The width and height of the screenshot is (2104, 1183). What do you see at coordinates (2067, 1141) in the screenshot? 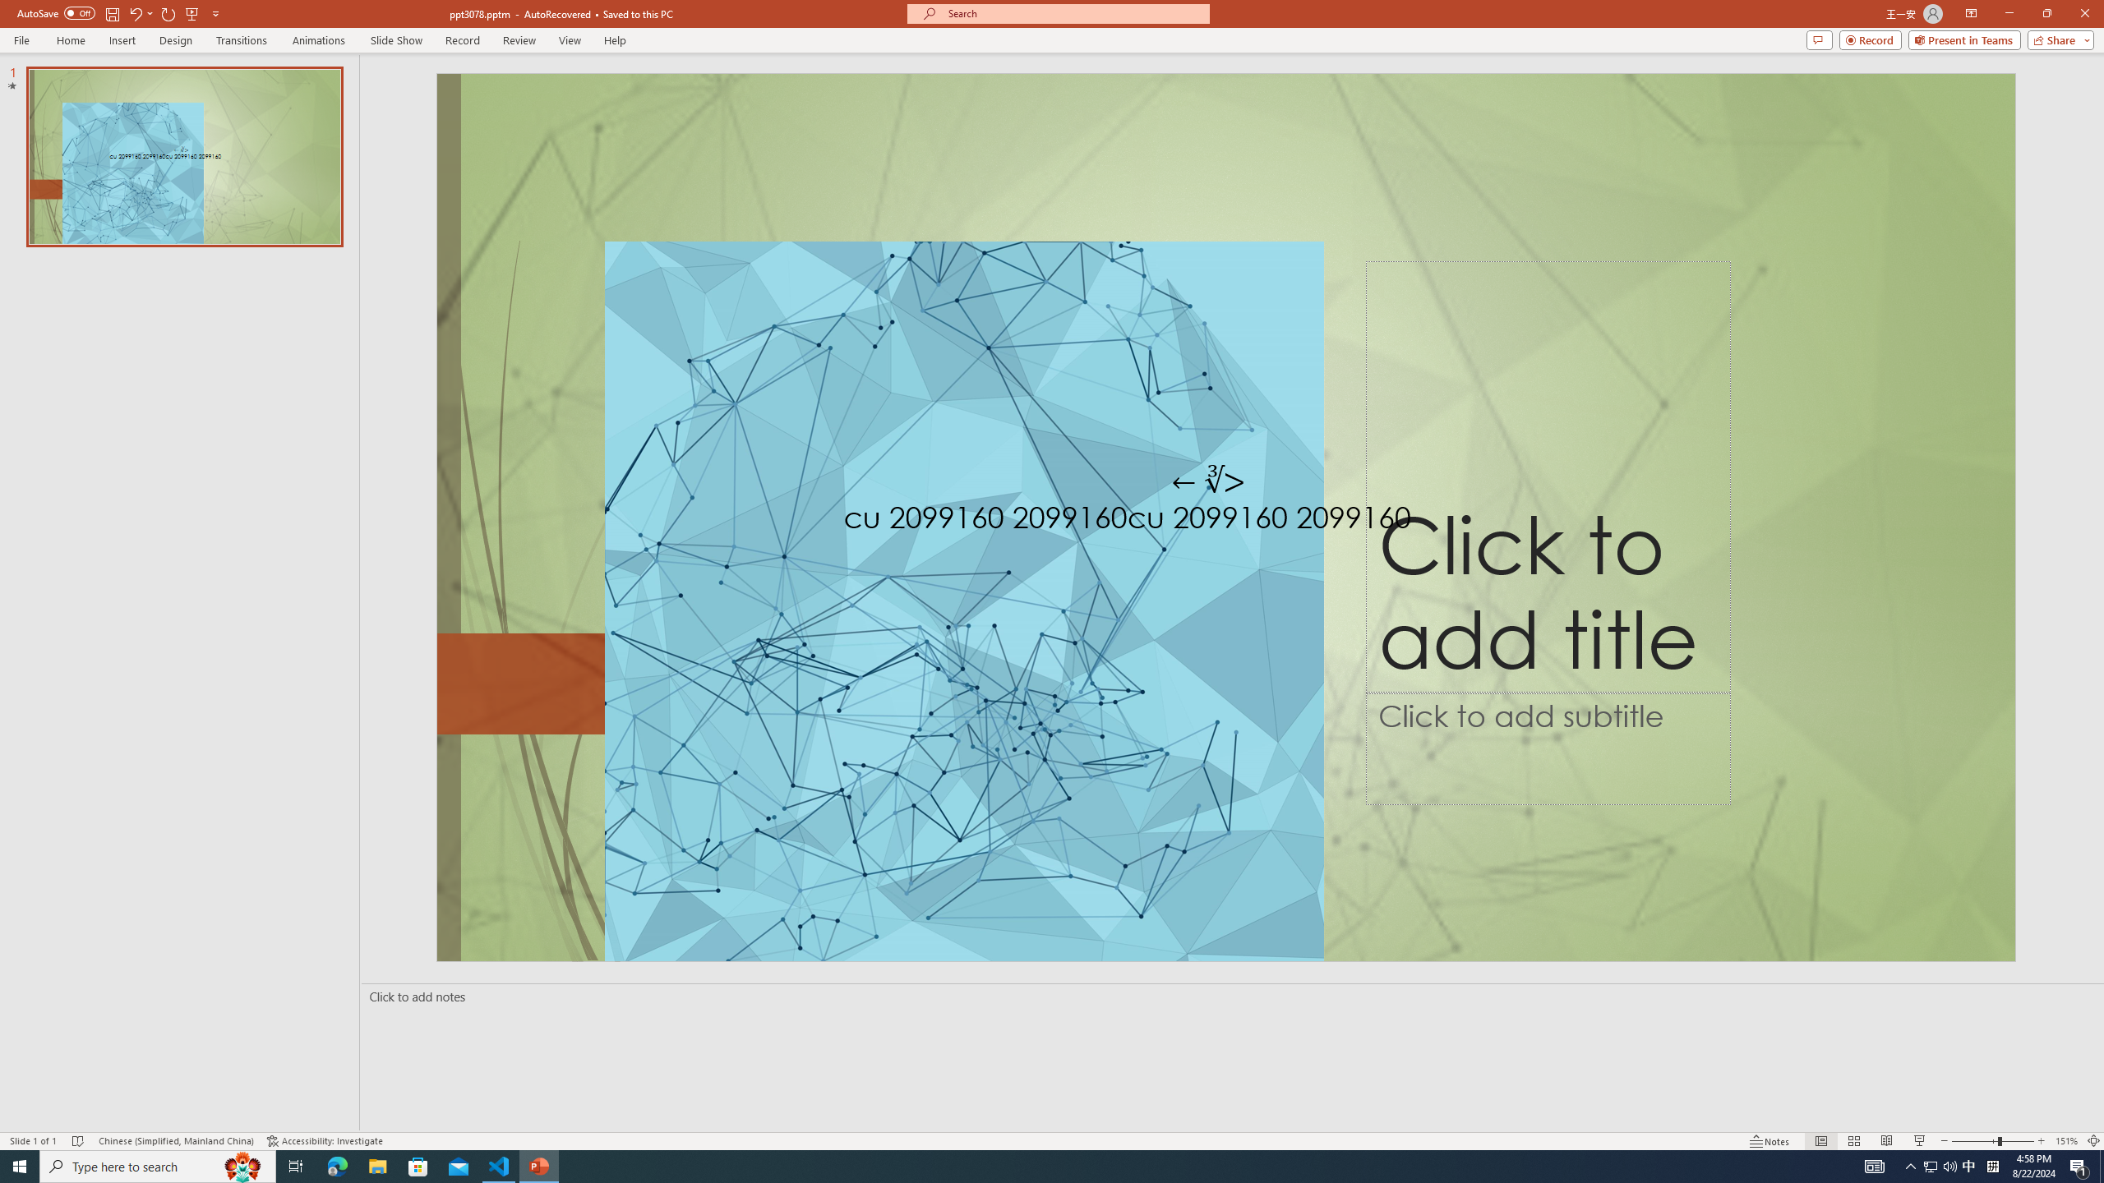
I see `'Zoom 151%'` at bounding box center [2067, 1141].